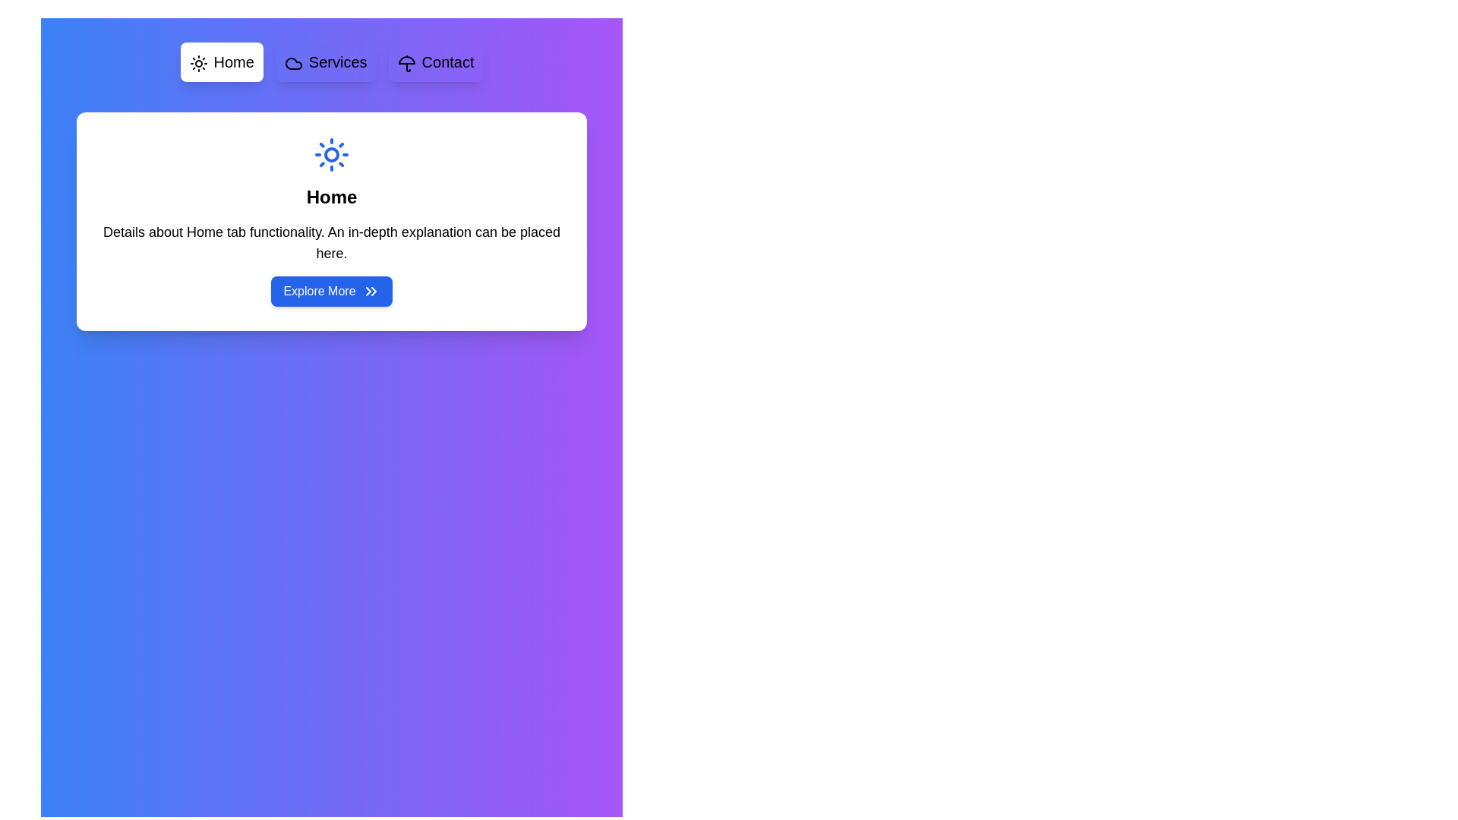 The image size is (1458, 820). I want to click on the rectangular blue button with rounded corners labeled 'Explore More' to change its background color, so click(330, 292).